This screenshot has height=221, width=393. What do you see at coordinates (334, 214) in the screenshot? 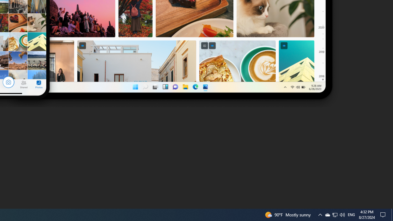
I see `'User Promoted Notification Area'` at bounding box center [334, 214].